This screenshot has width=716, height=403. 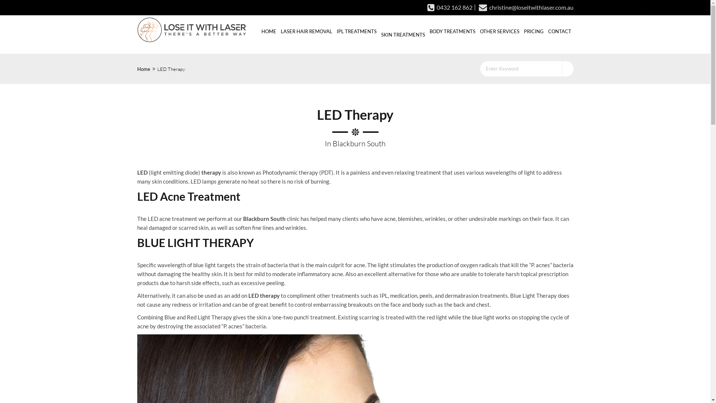 I want to click on 'Home', so click(x=144, y=69).